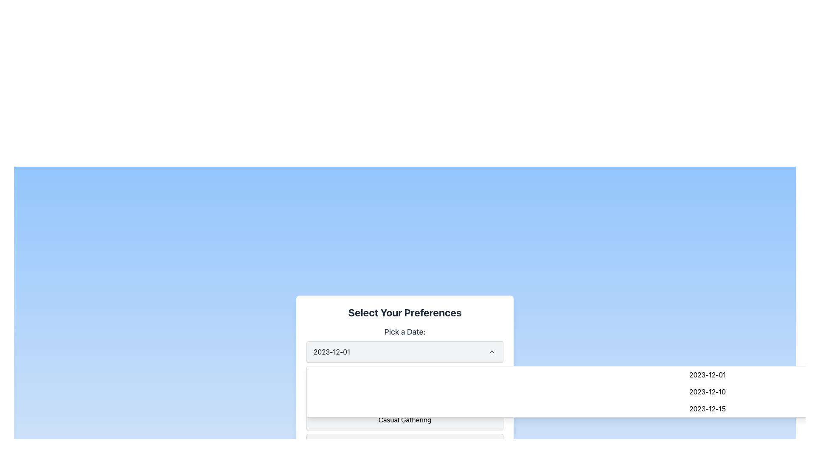  I want to click on the second selectable list item labeled 'Casual Gathering', so click(405, 420).